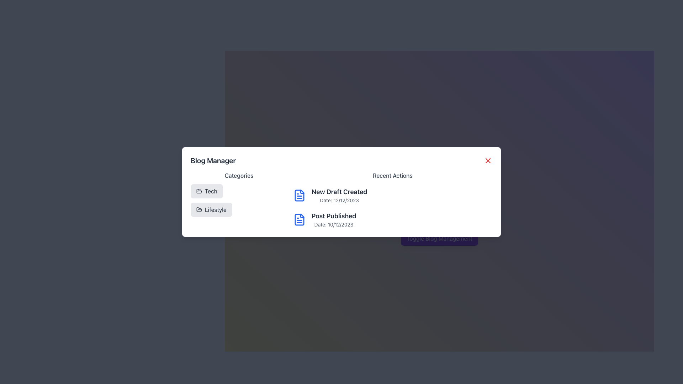 This screenshot has height=384, width=683. Describe the element at coordinates (199, 209) in the screenshot. I see `the open-folder icon located under the 'Categories' section, to the left of the 'Tech' label in the 'Blog Manager' modal interface` at that location.